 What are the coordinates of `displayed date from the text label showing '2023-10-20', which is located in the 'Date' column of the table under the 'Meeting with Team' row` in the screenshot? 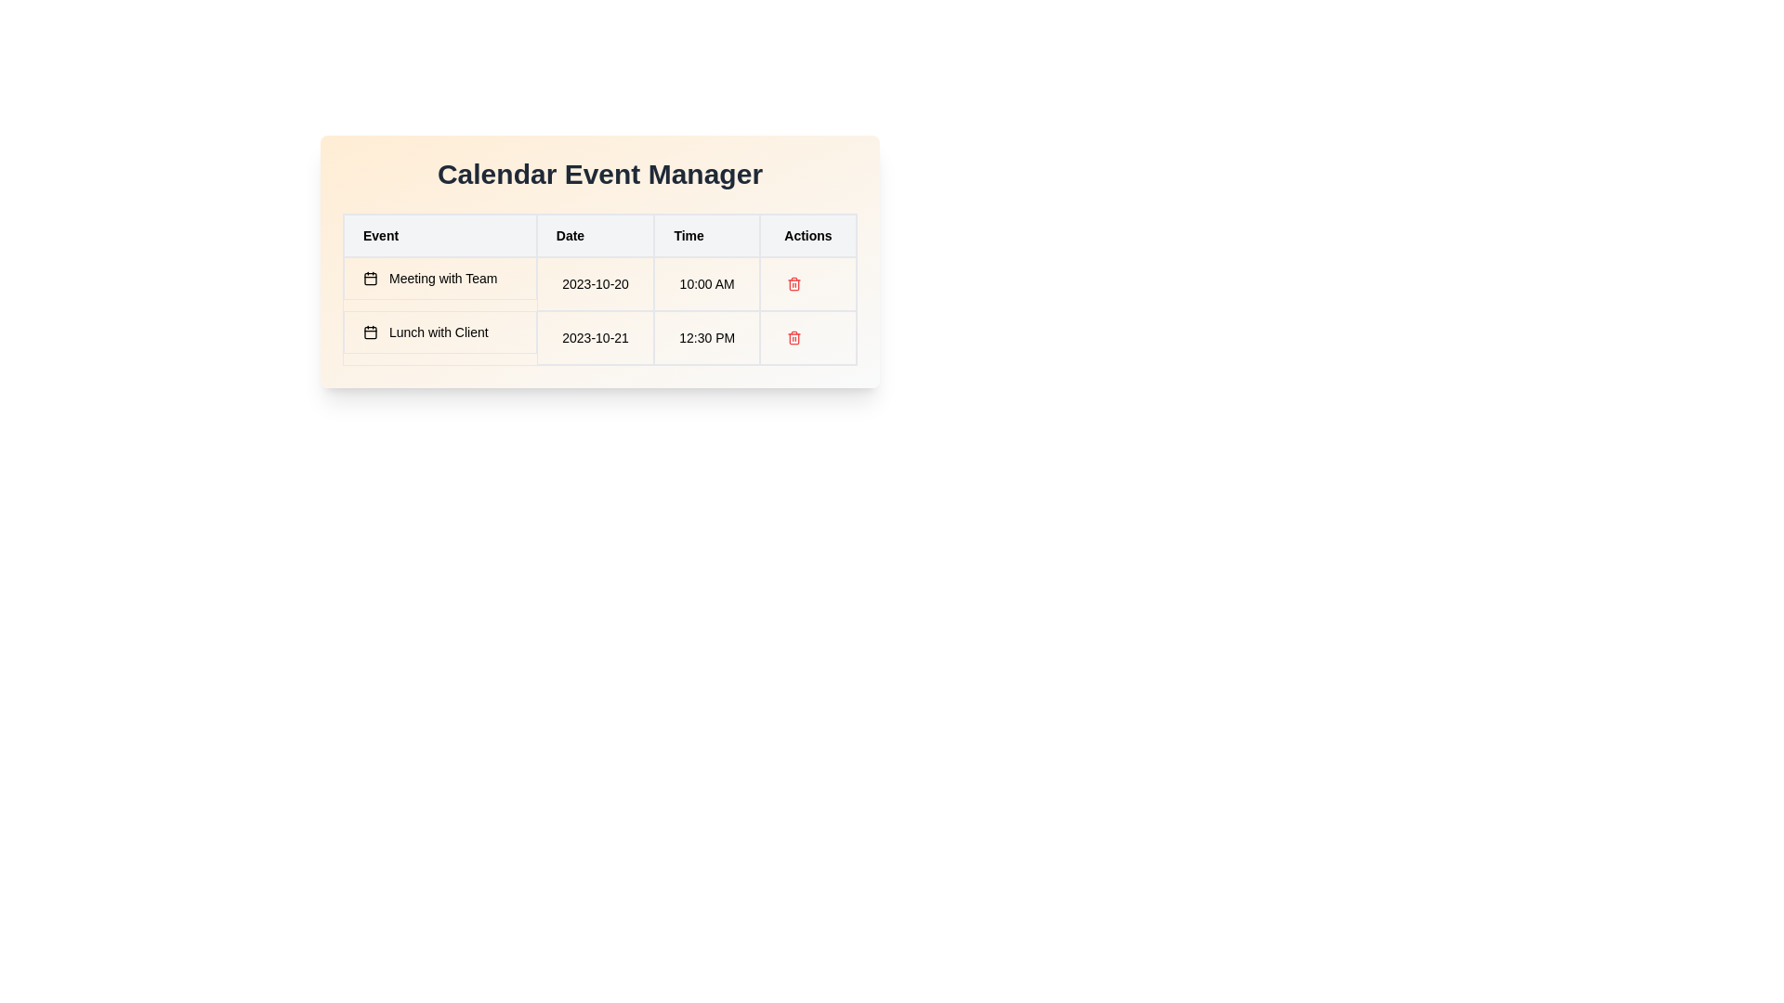 It's located at (596, 283).